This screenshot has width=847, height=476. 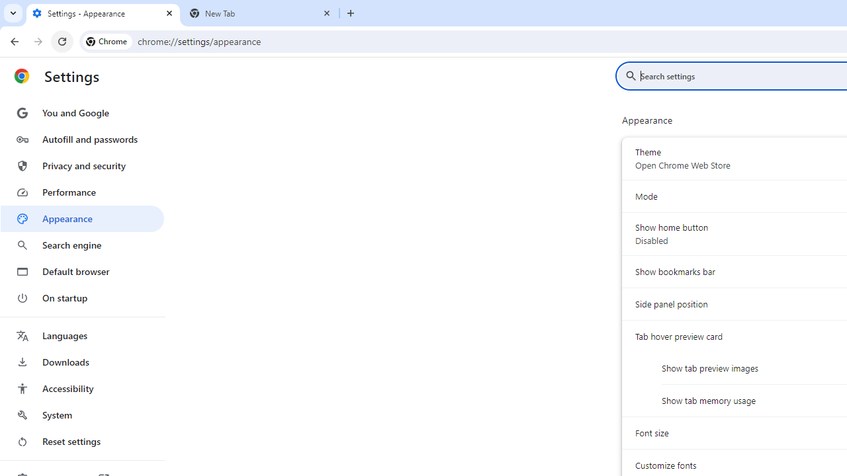 I want to click on 'Privacy and security', so click(x=81, y=165).